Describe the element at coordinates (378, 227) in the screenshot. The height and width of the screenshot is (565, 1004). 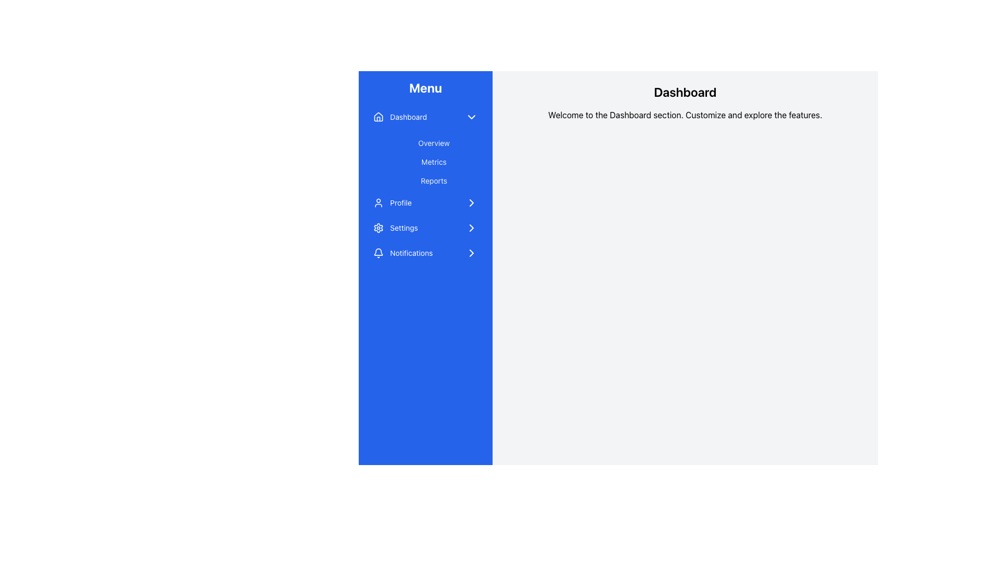
I see `the gear-shaped icon representing settings, located in the vertical menu bar` at that location.